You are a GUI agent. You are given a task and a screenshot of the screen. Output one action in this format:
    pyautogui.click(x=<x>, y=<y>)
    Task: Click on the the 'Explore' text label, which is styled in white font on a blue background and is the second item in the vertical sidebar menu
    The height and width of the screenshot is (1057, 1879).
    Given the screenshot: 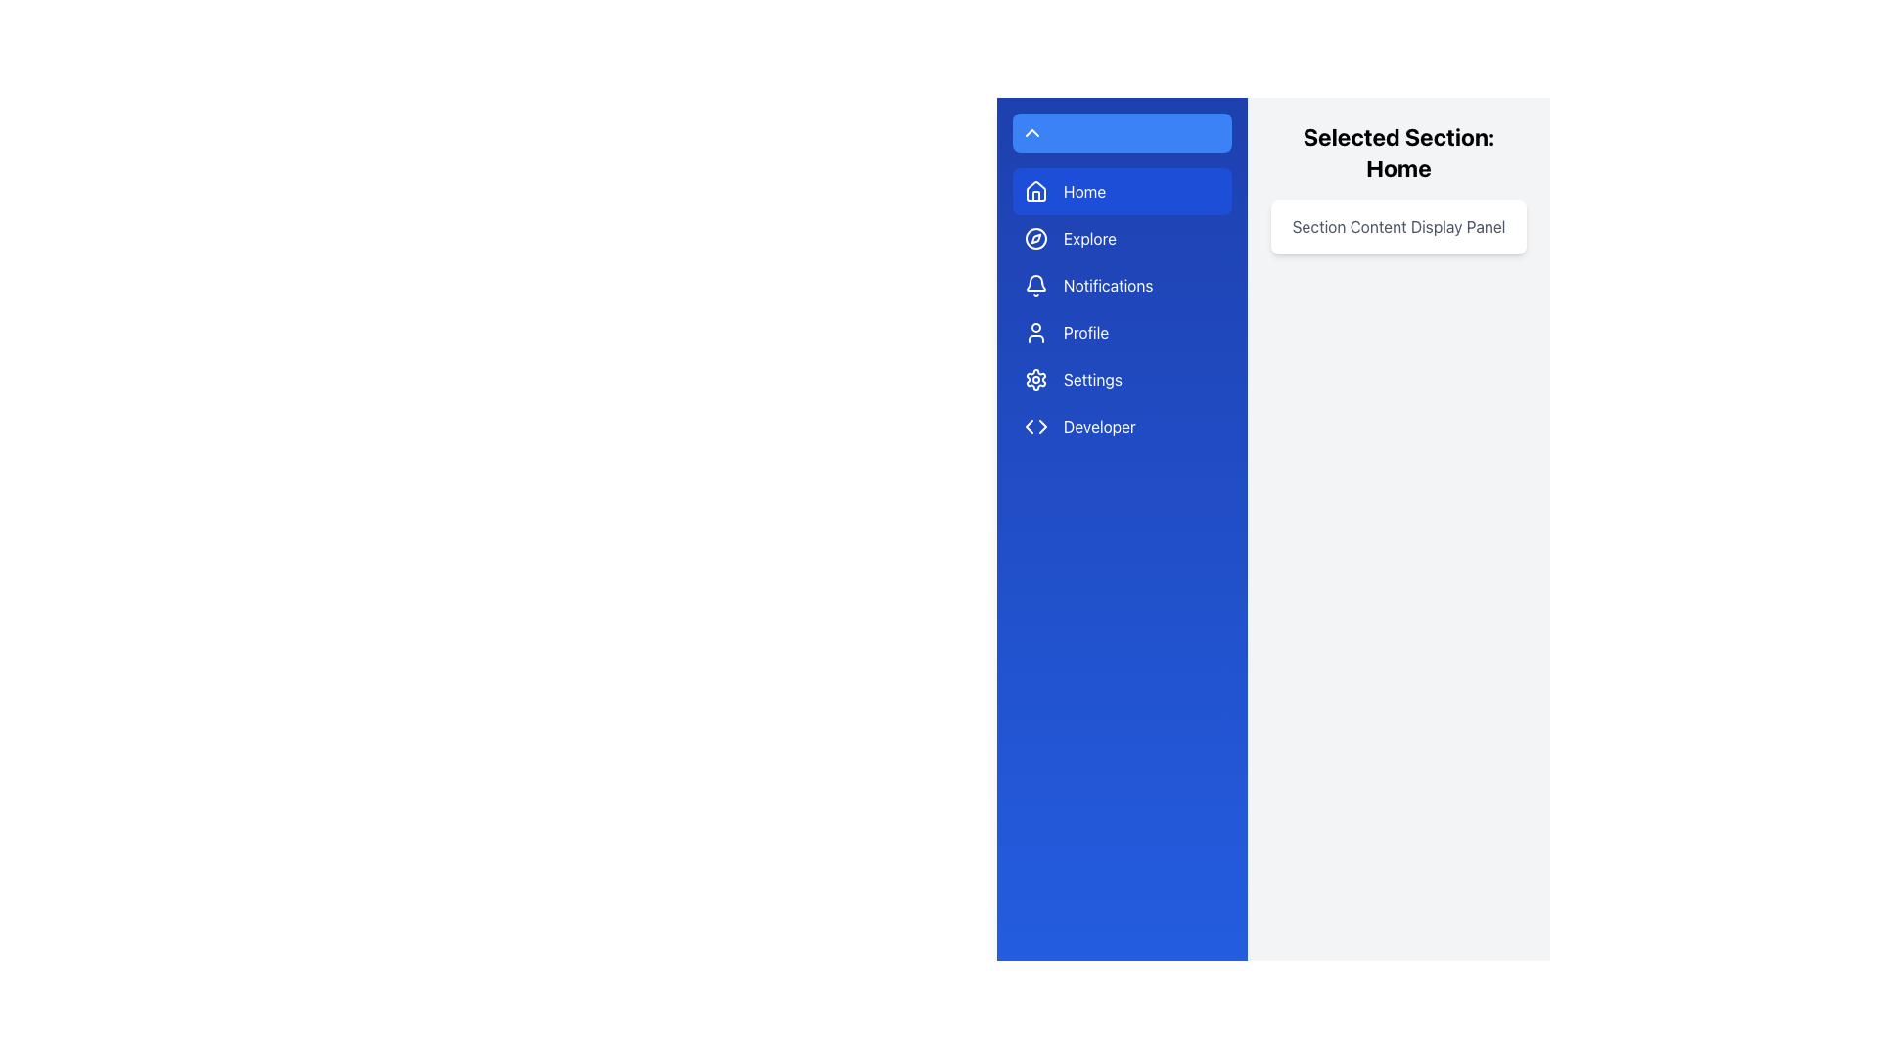 What is the action you would take?
    pyautogui.click(x=1088, y=237)
    